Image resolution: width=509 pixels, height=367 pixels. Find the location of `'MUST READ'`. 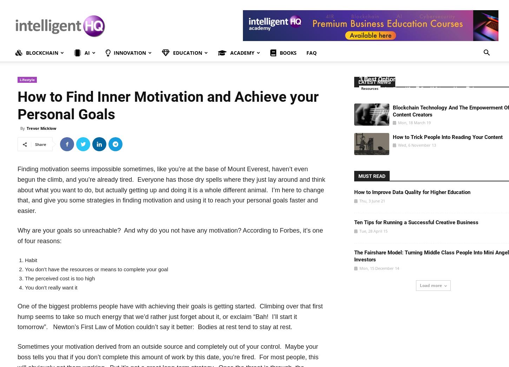

'MUST READ' is located at coordinates (358, 176).